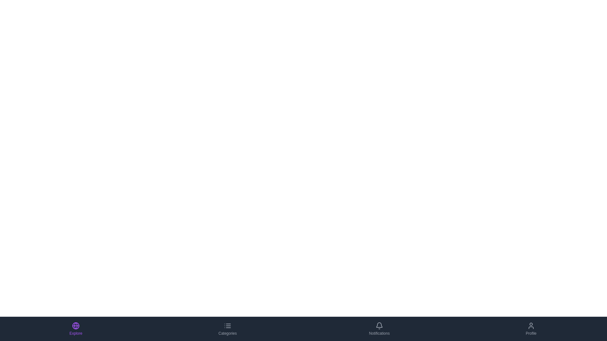 The image size is (607, 341). What do you see at coordinates (76, 326) in the screenshot?
I see `the Vector Graphic Element (Circle) representing a part of the graphical globe icon located in the bottom-left corner of the navigation bar` at bounding box center [76, 326].